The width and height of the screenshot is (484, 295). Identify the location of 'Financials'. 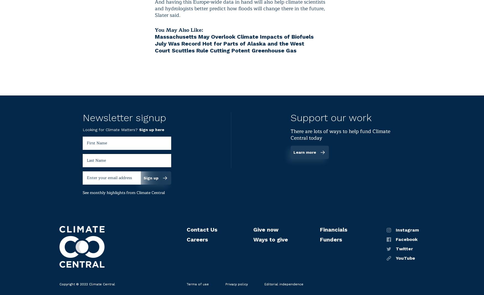
(334, 229).